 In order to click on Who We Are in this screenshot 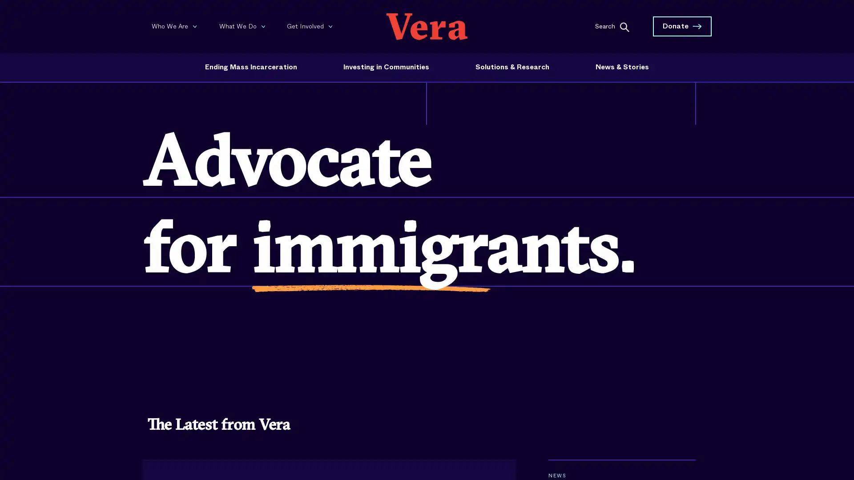, I will do `click(176, 25)`.